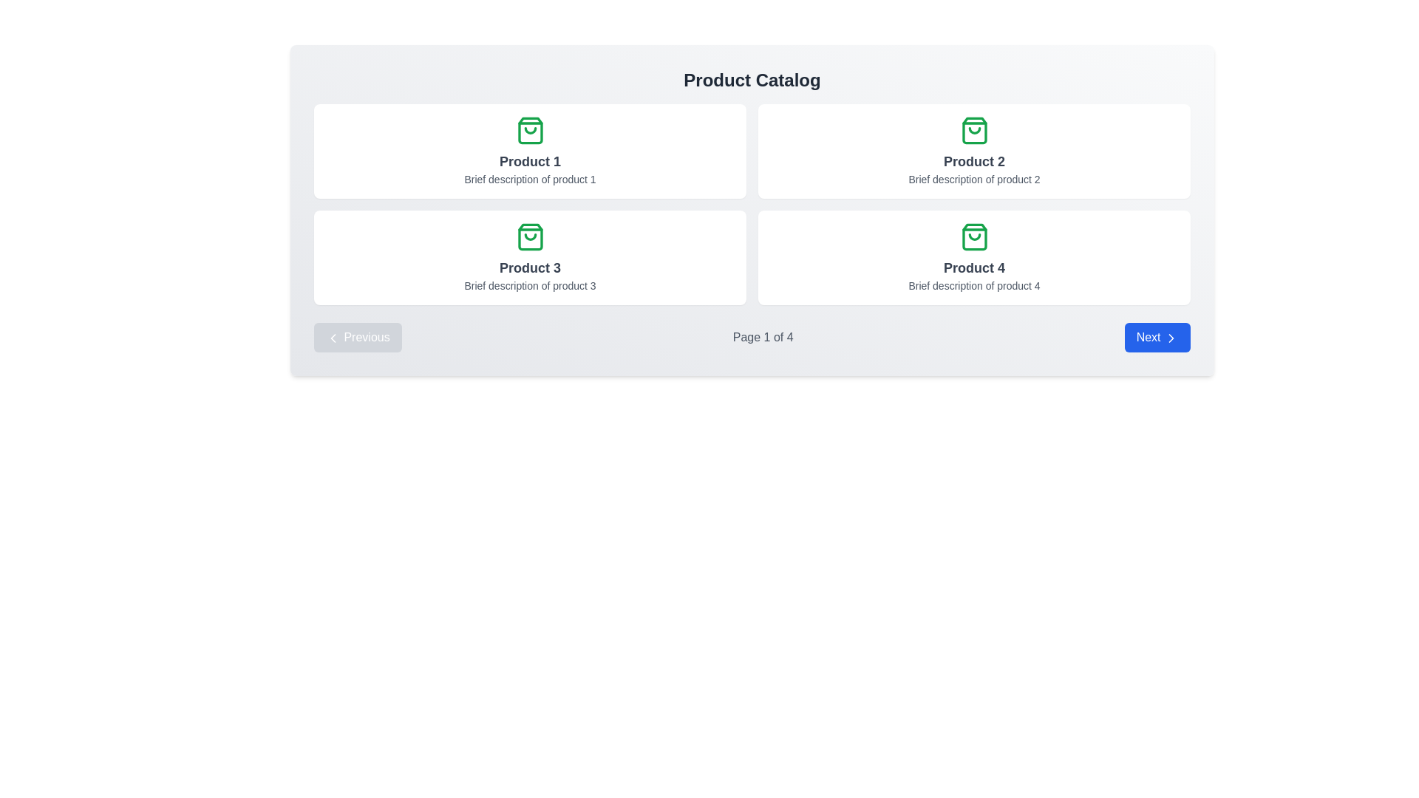  What do you see at coordinates (974, 130) in the screenshot?
I see `the green shopping bag icon with a smiling handle design located at the top center of the card titled 'Product 2' in the product catalog interface` at bounding box center [974, 130].